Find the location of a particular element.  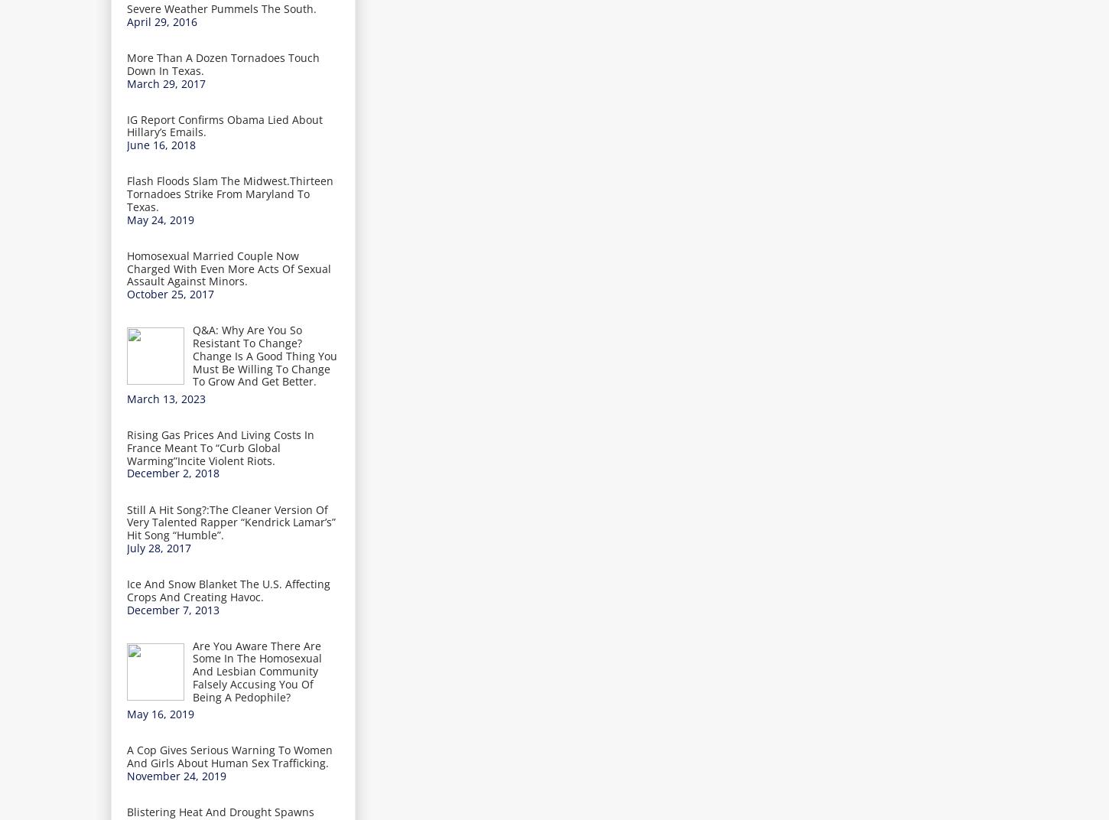

'May 16, 2019' is located at coordinates (126, 714).